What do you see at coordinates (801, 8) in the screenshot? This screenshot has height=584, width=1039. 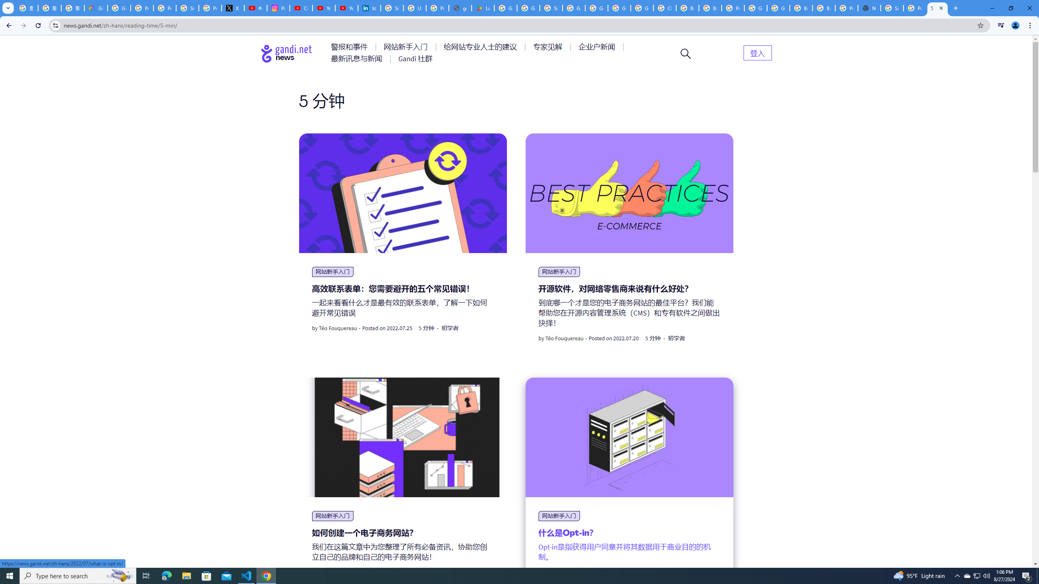 I see `'Browse Chrome as a guest - Computer - Google Chrome Help'` at bounding box center [801, 8].